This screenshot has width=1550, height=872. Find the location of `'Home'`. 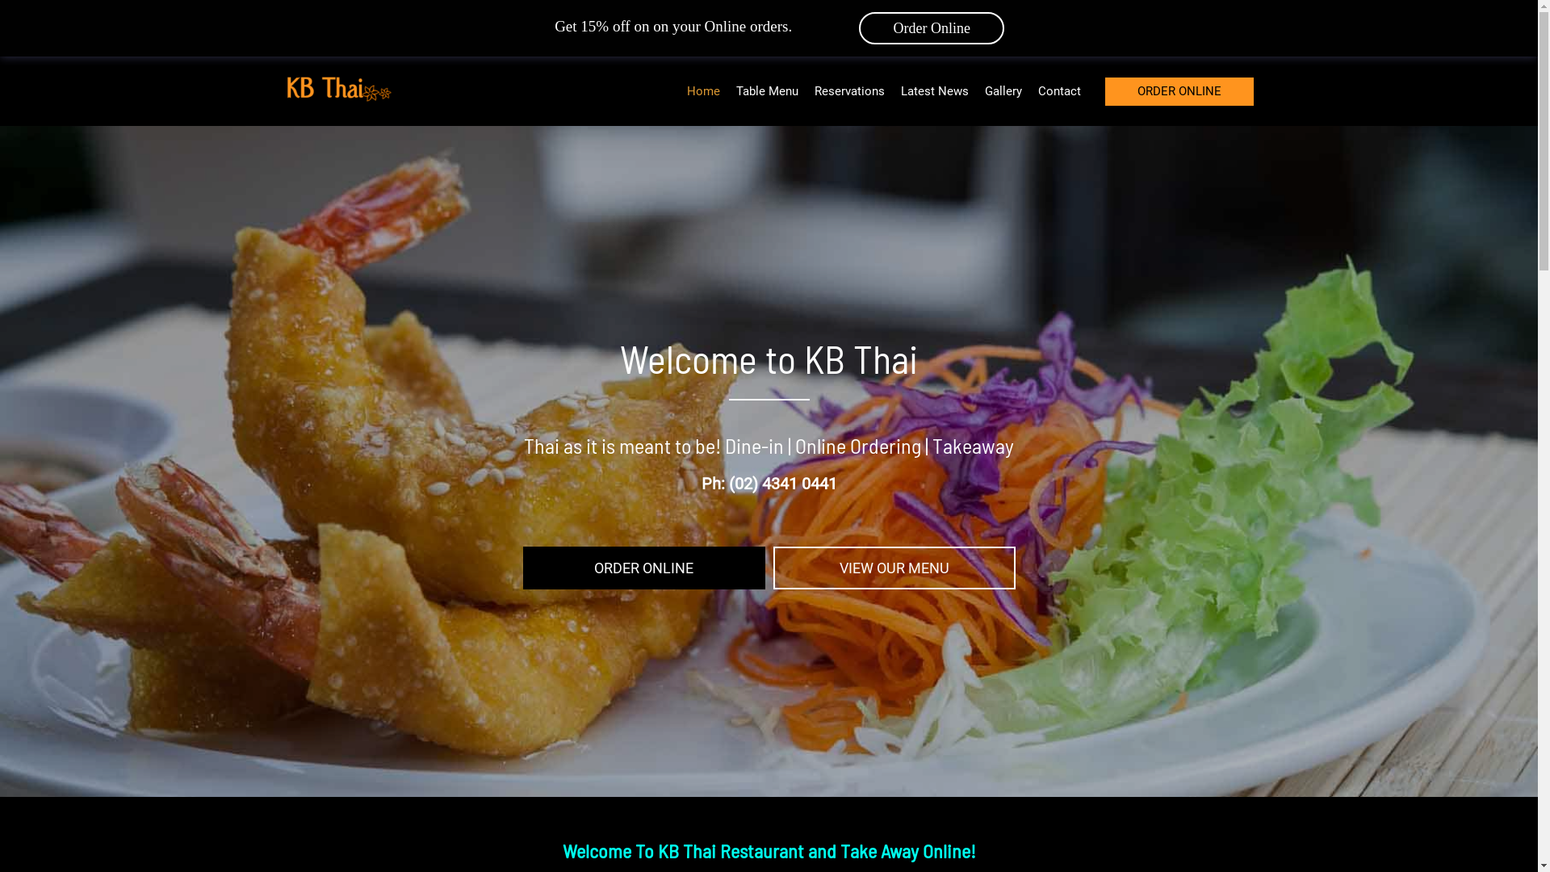

'Home' is located at coordinates (702, 90).